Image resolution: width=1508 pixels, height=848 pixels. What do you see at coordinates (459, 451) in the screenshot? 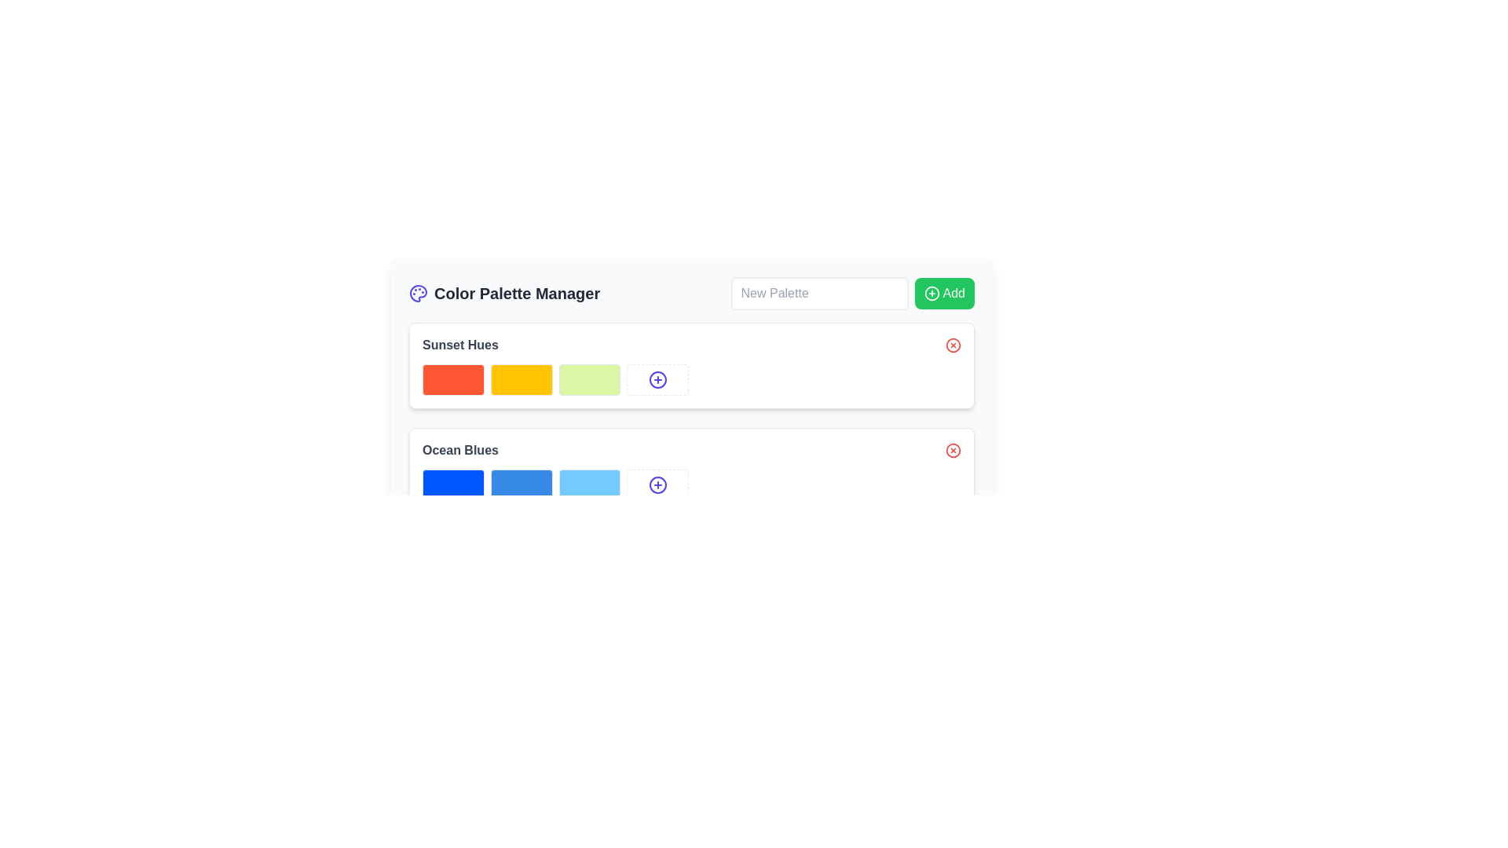
I see `the 'Ocean Blues' text label, which serves as the title for a color palette` at bounding box center [459, 451].